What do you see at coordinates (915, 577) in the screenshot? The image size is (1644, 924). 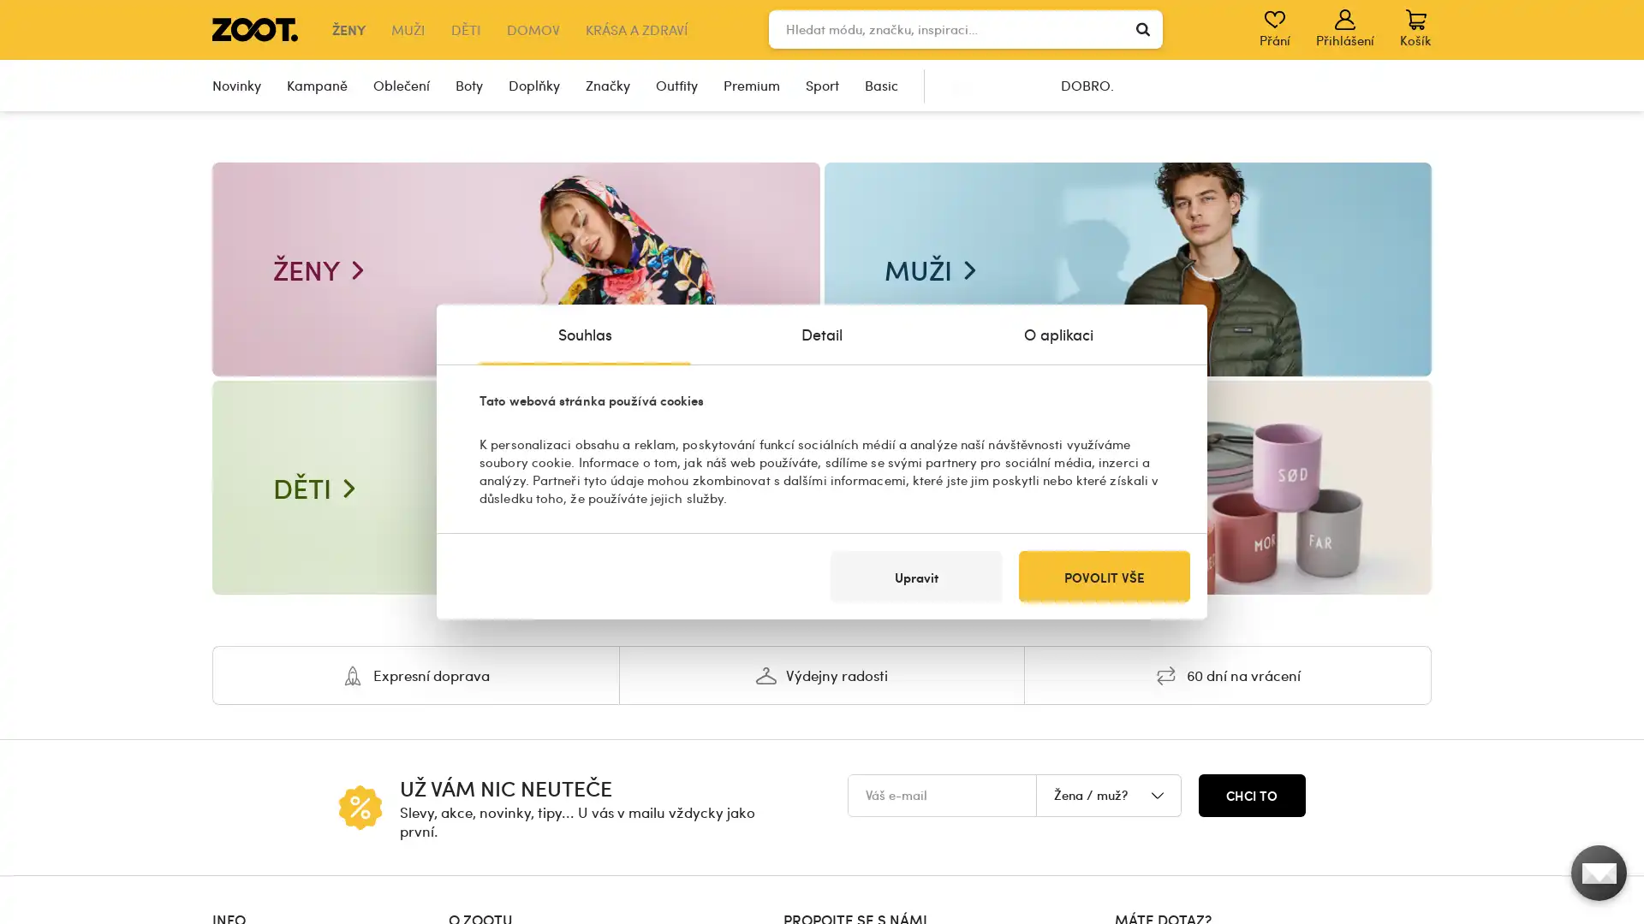 I see `Upravit` at bounding box center [915, 577].